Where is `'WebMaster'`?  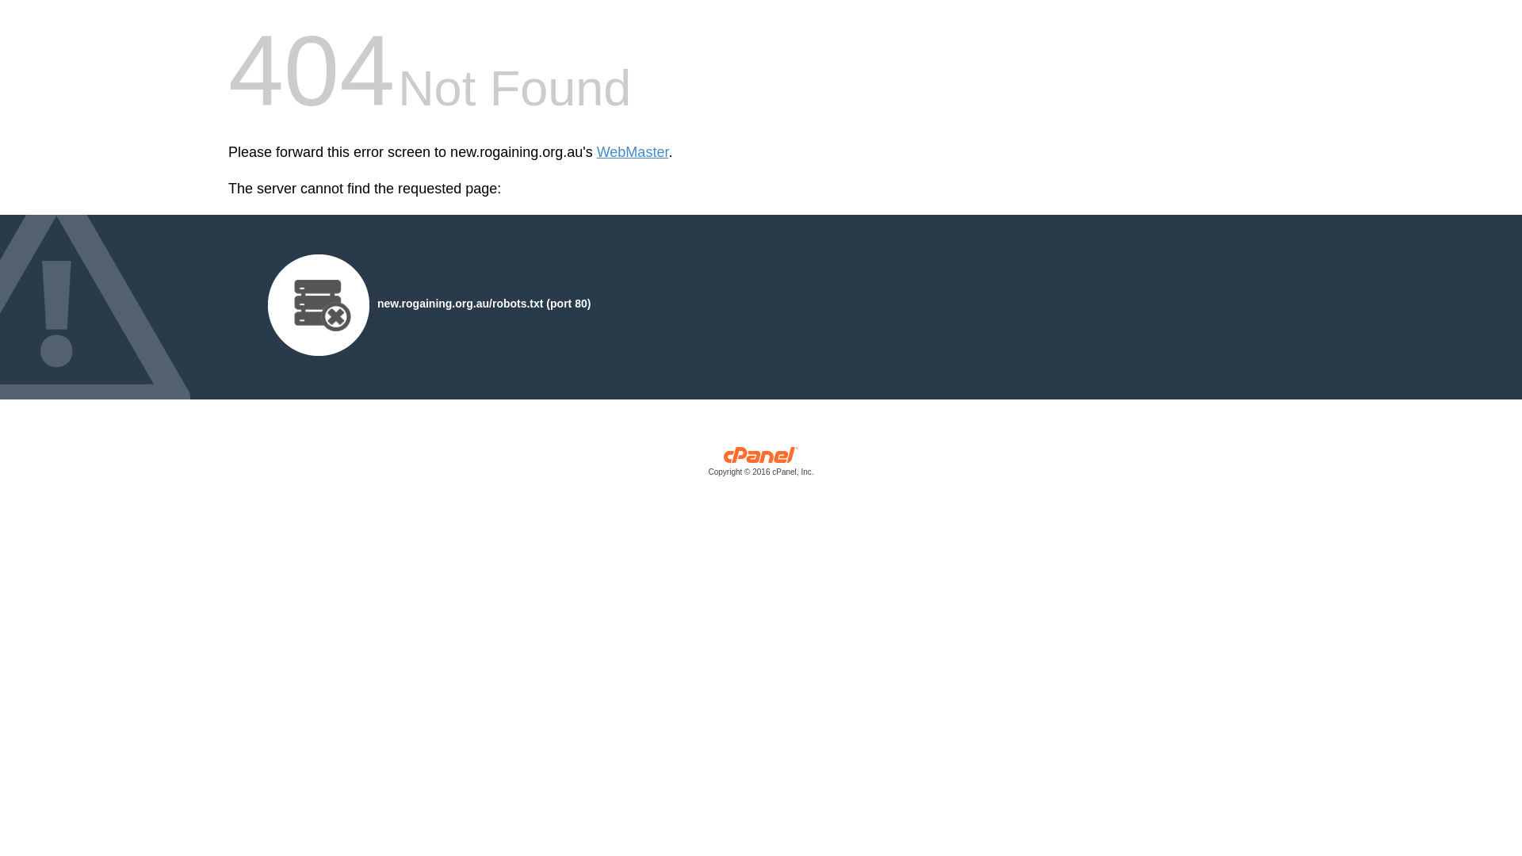
'WebMaster' is located at coordinates (596, 152).